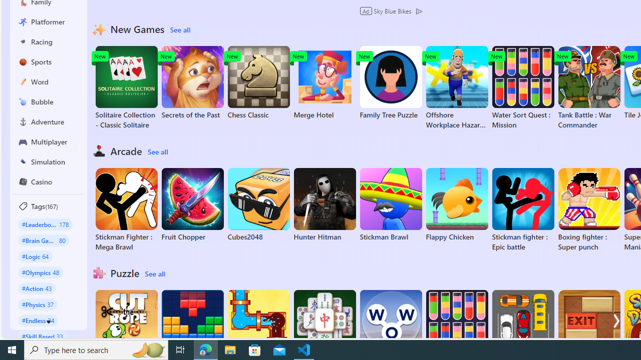  Describe the element at coordinates (43, 240) in the screenshot. I see `'#Brain Games 80'` at that location.